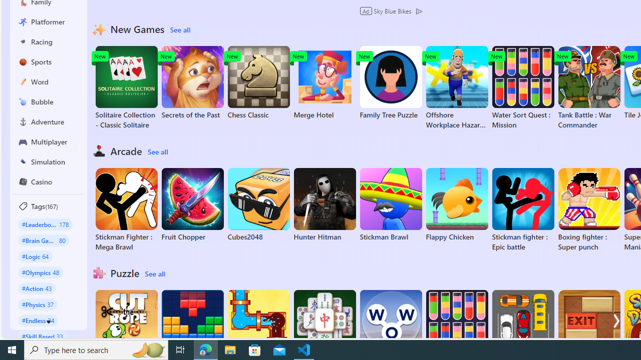  Describe the element at coordinates (43, 240) in the screenshot. I see `'#Brain Games 80'` at that location.